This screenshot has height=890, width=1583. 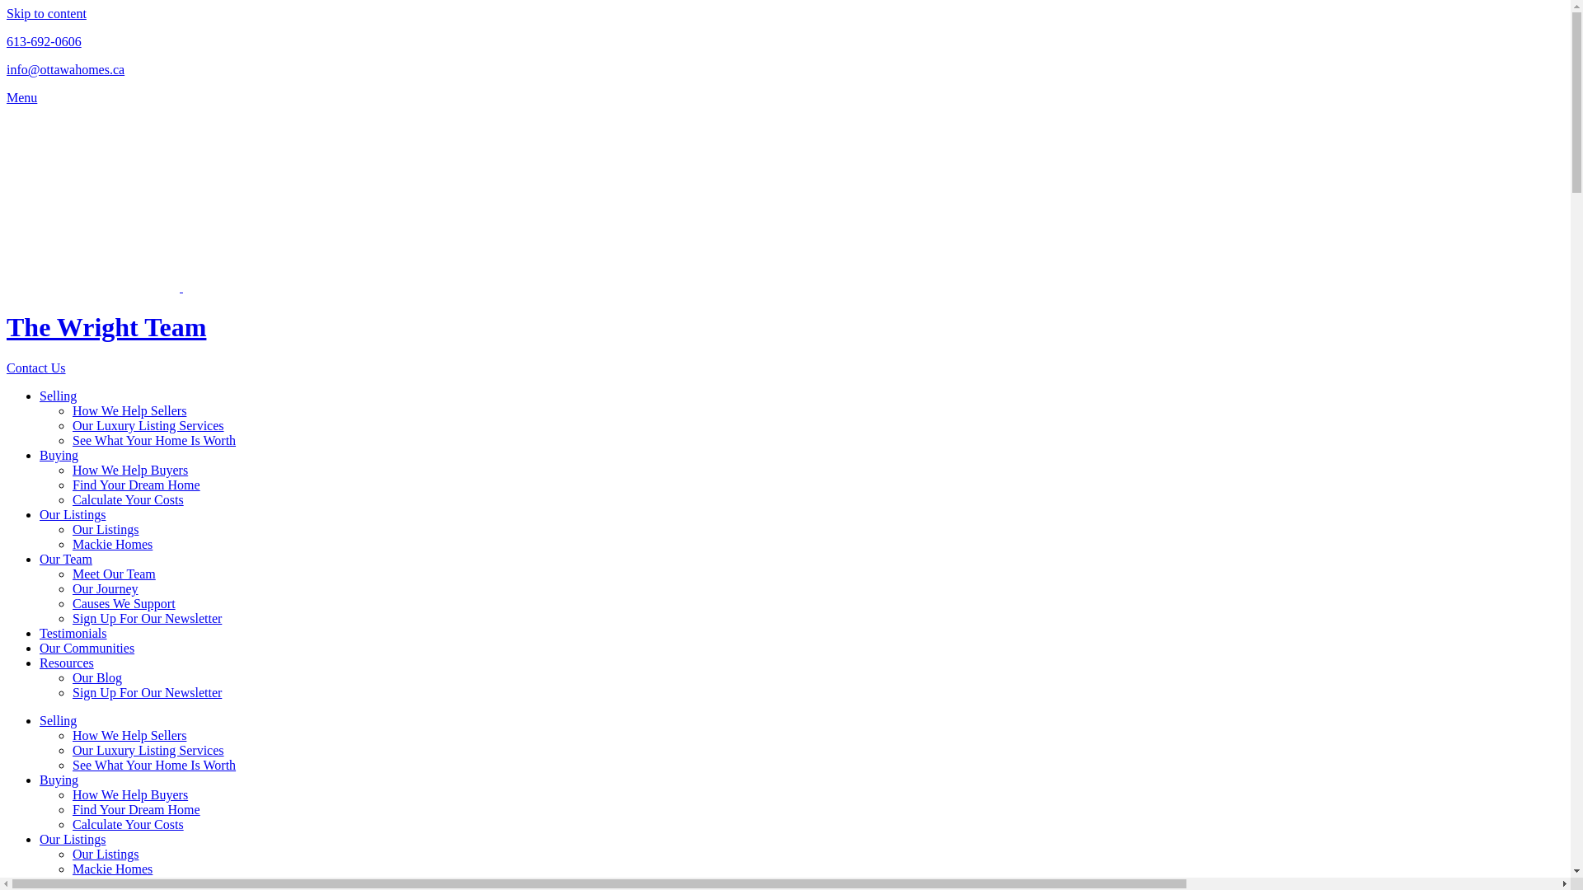 What do you see at coordinates (147, 618) in the screenshot?
I see `'Sign Up For Our Newsletter'` at bounding box center [147, 618].